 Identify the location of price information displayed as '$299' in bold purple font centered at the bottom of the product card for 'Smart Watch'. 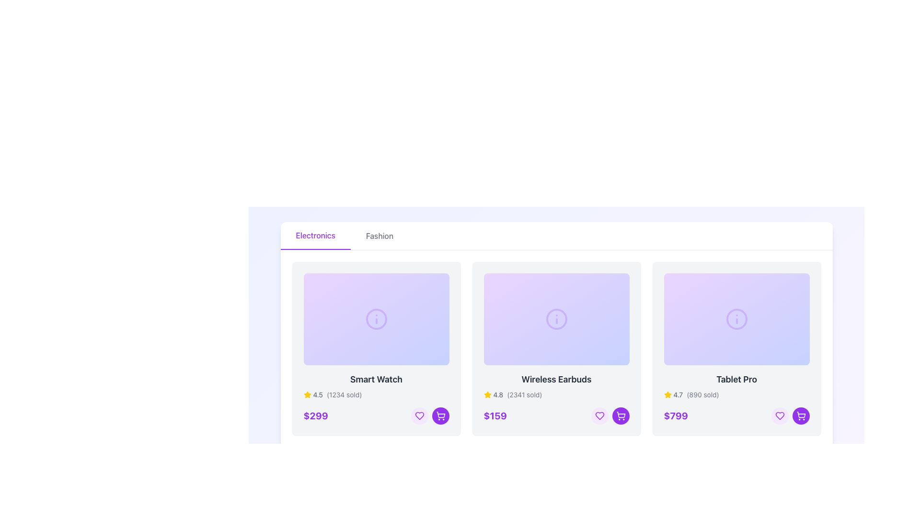
(376, 415).